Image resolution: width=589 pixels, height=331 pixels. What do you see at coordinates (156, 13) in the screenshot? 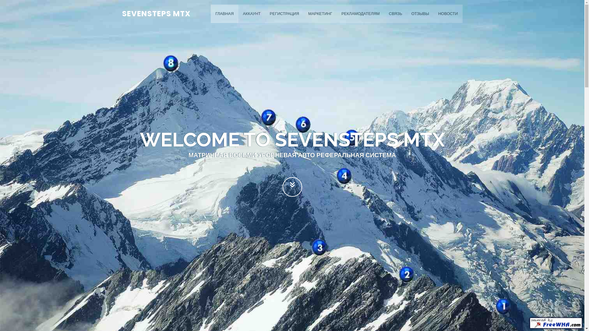
I see `'SEVENSTEPS MTX'` at bounding box center [156, 13].